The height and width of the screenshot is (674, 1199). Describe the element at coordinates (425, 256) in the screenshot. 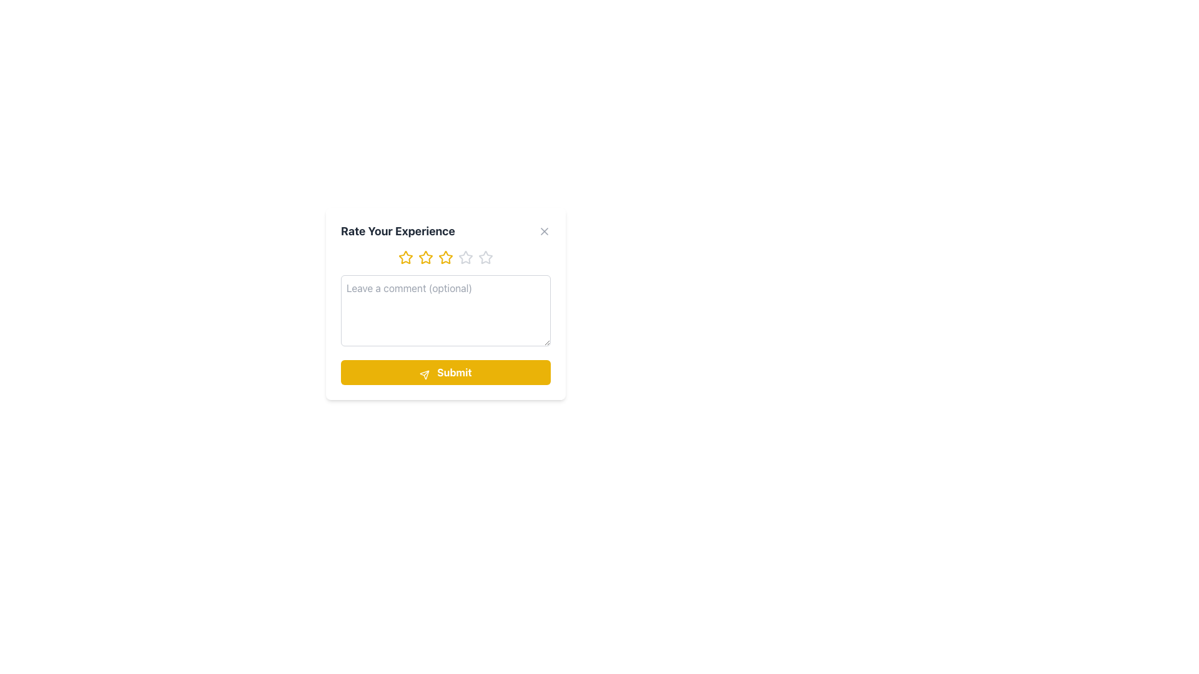

I see `the second star in the 'Rate Your Experience' section` at that location.